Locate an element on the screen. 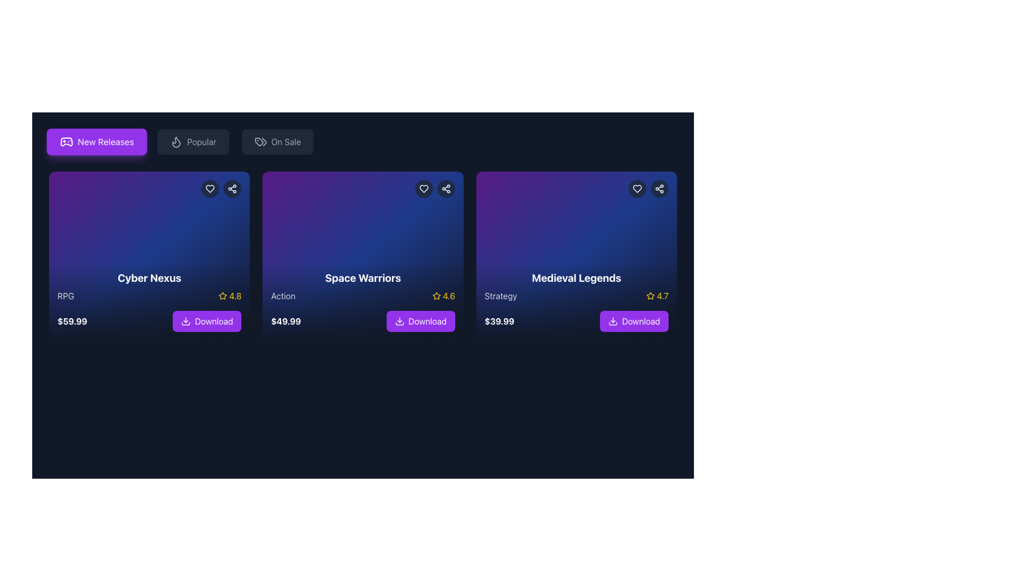 Image resolution: width=1014 pixels, height=570 pixels. the heart-shaped icon in the top-right corner of the 'Cyber Nexus' card to favorite the item is located at coordinates (210, 188).